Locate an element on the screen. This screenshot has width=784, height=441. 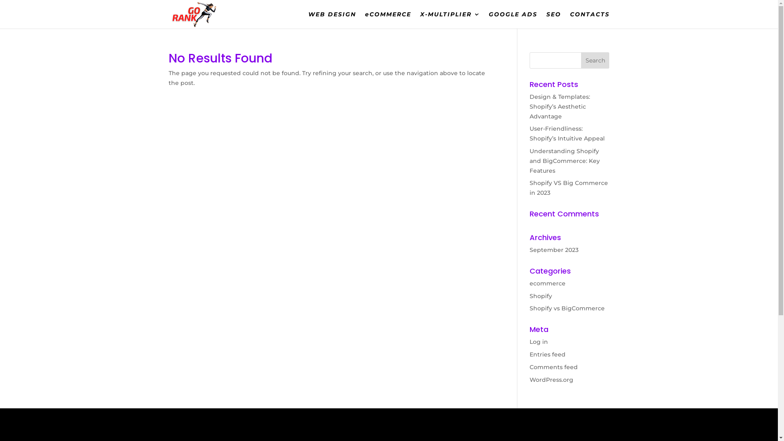
'eCOMMERCE' is located at coordinates (388, 20).